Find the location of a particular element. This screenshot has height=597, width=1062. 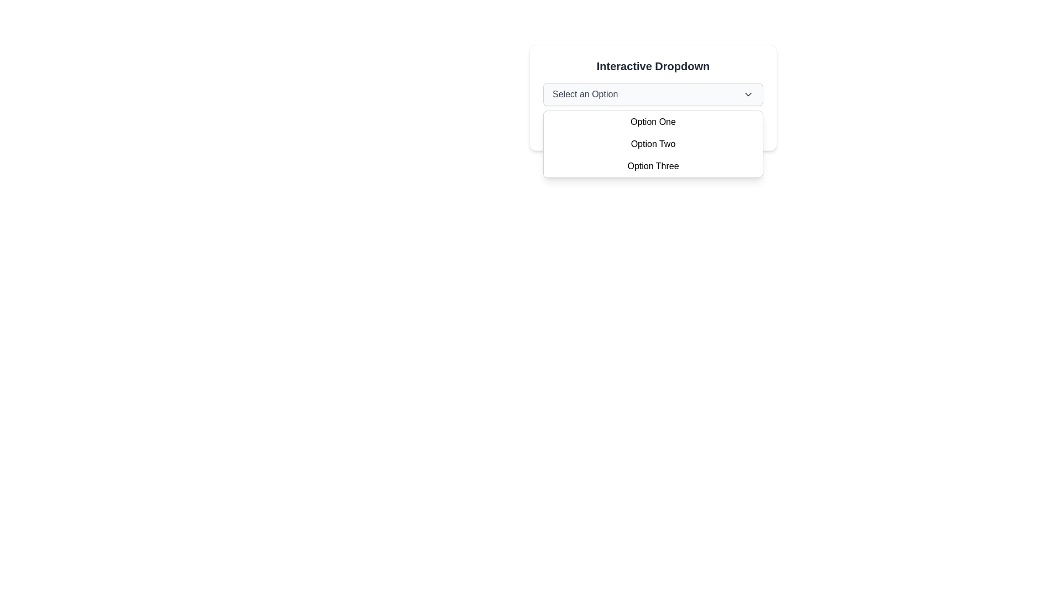

the selectable option labeled 'Option Three' within the dropdown menu is located at coordinates (653, 166).